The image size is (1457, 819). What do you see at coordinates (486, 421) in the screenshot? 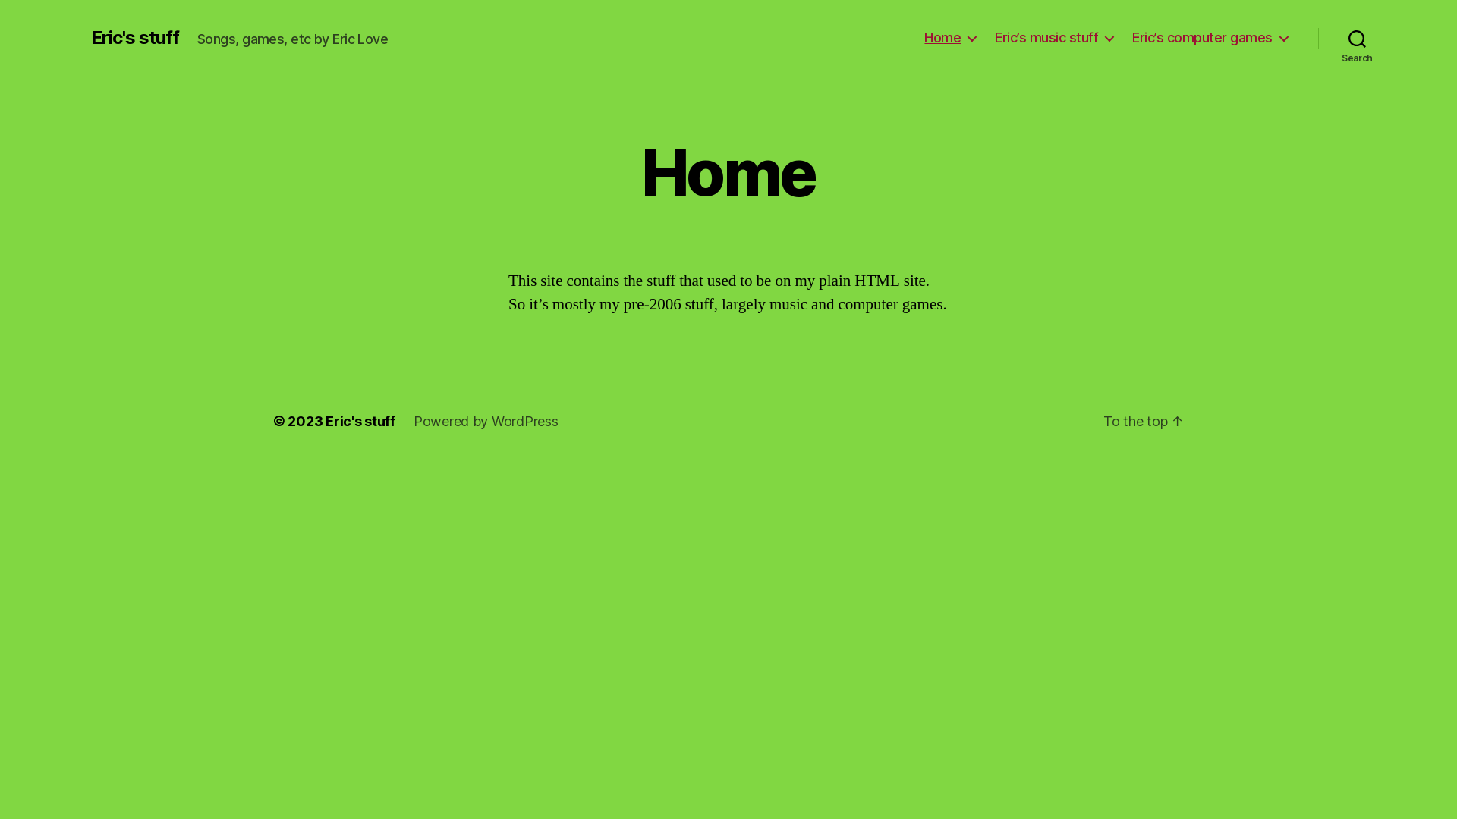
I see `'Powered by WordPress'` at bounding box center [486, 421].